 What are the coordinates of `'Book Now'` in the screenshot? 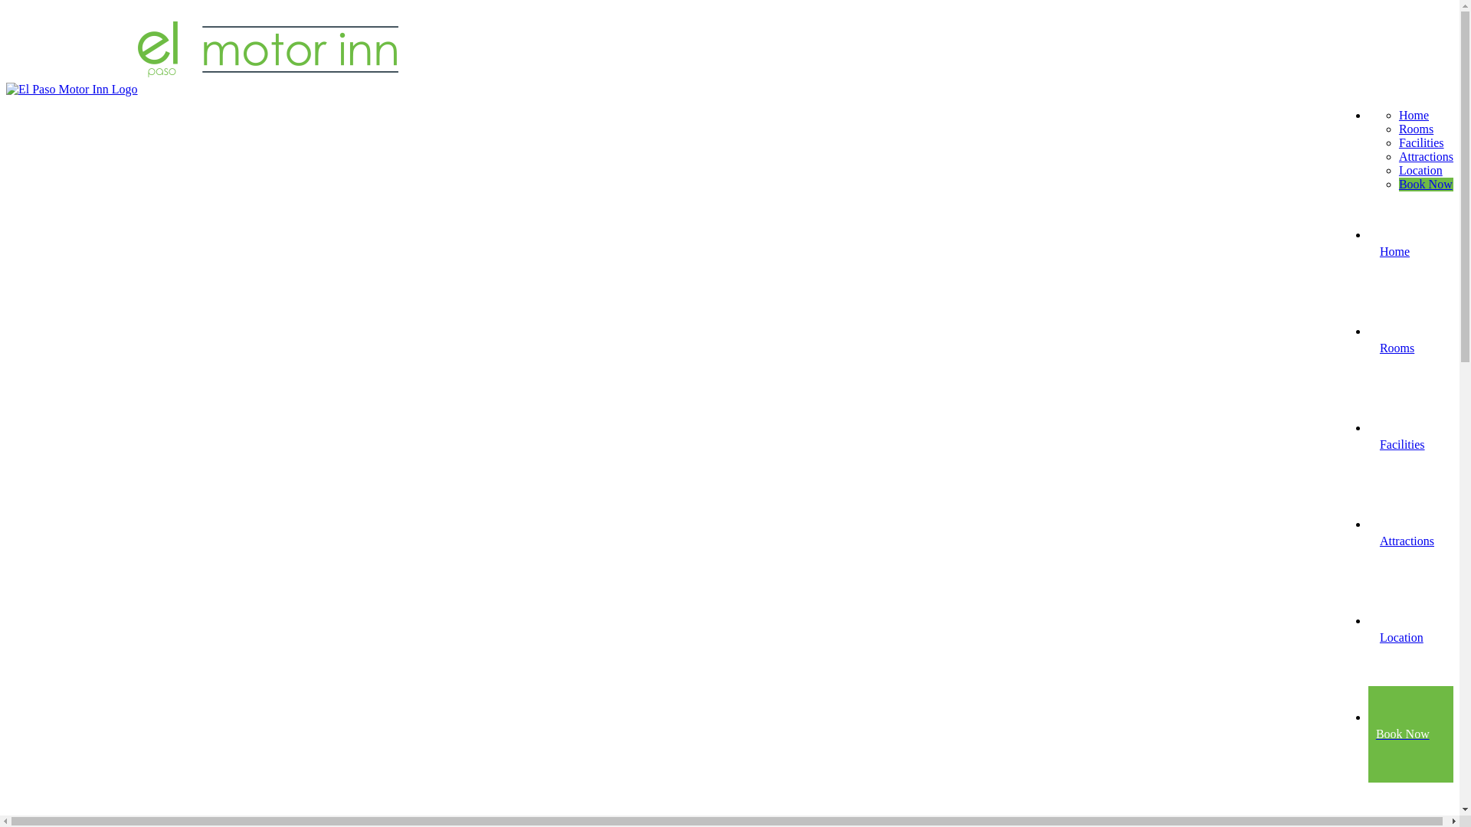 It's located at (1425, 183).